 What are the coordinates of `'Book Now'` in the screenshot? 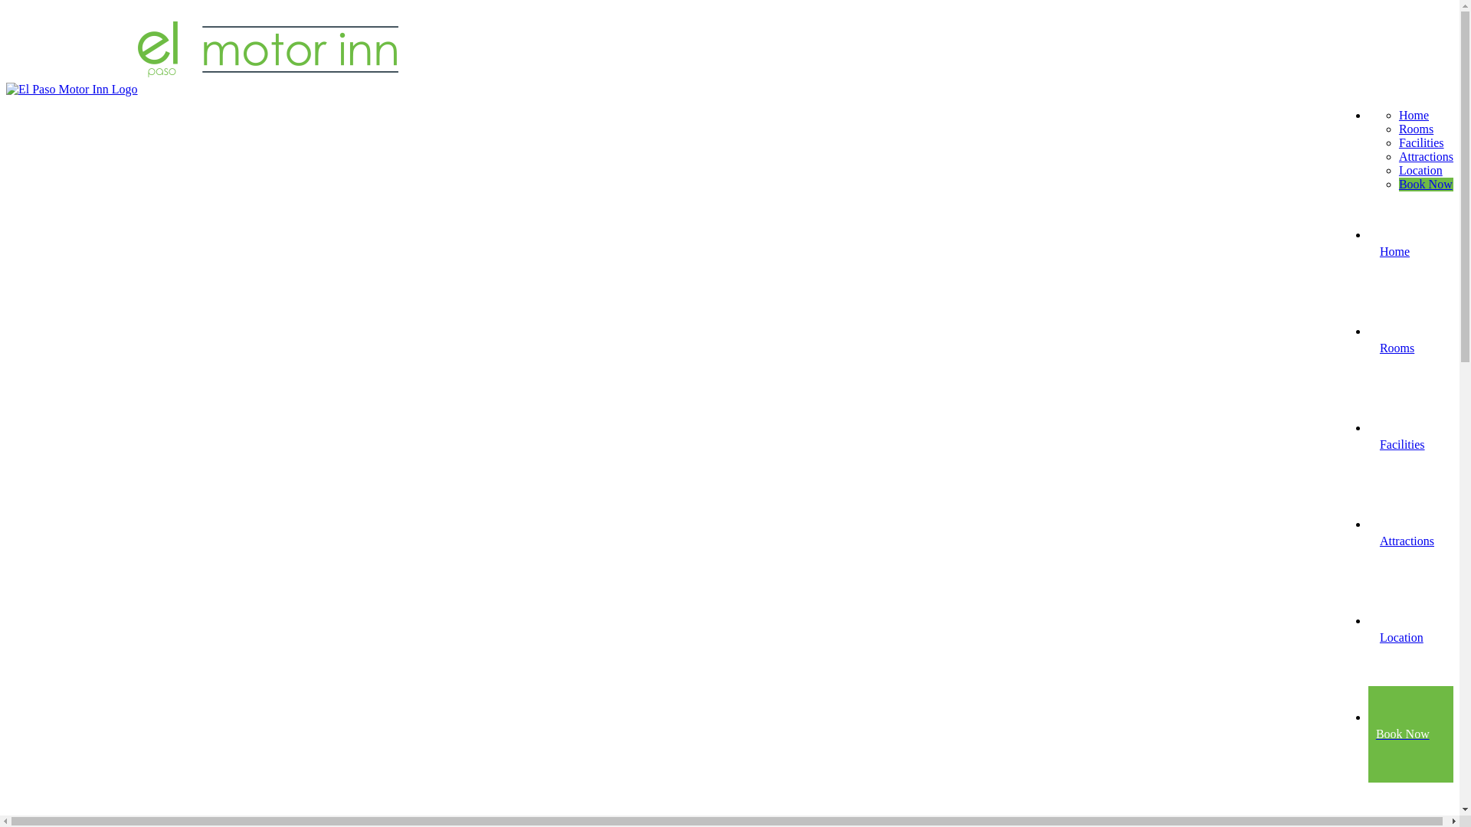 It's located at (1425, 183).